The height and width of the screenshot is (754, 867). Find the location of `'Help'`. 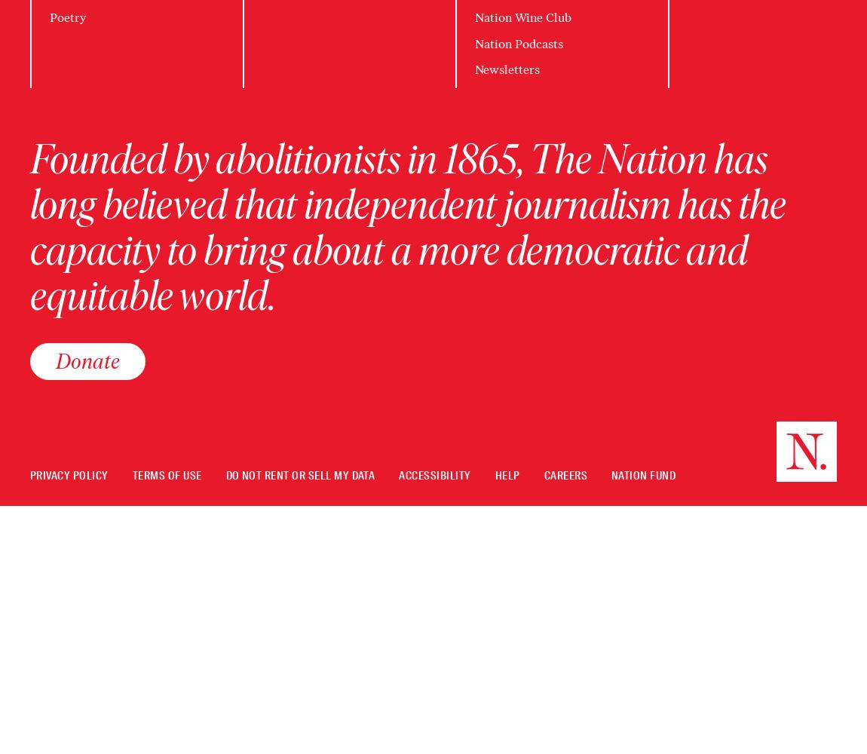

'Help' is located at coordinates (506, 475).